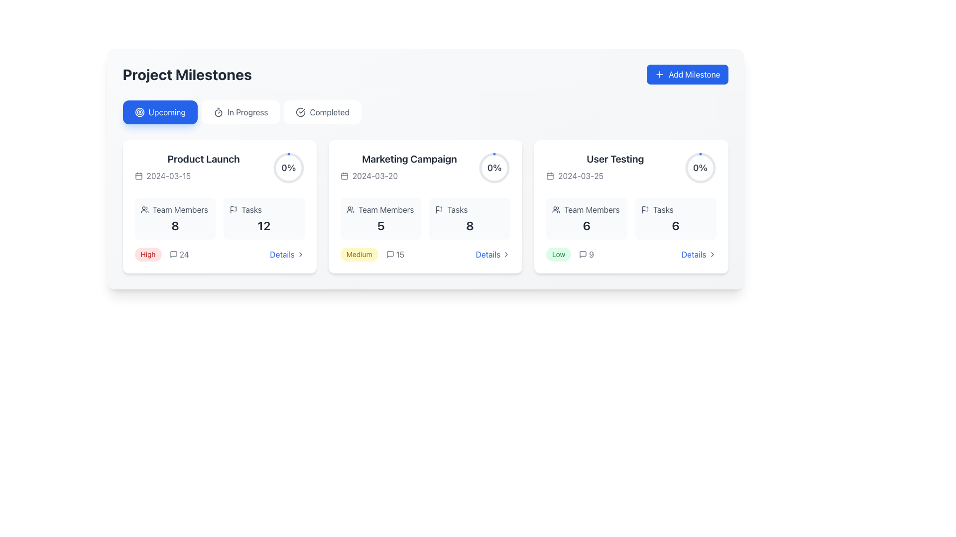 This screenshot has width=956, height=537. What do you see at coordinates (344, 176) in the screenshot?
I see `the calendar icon located in the 'Marketing Campaign' card, which is a small square with rounded corners, positioned directly to the left of the date text '2024-03-20'` at bounding box center [344, 176].